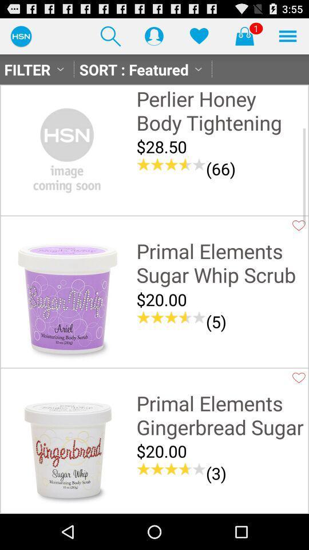 The height and width of the screenshot is (550, 309). What do you see at coordinates (154, 36) in the screenshot?
I see `profile button` at bounding box center [154, 36].